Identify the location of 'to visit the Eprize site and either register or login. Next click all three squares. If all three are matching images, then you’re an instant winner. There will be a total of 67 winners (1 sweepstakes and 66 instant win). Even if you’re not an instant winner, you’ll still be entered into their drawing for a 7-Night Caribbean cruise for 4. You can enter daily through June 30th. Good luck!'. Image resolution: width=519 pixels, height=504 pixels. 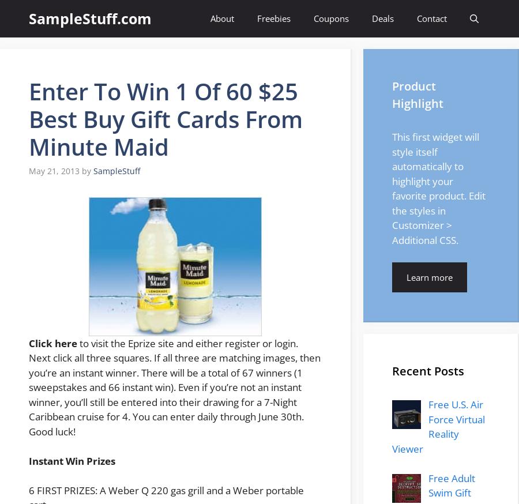
(174, 386).